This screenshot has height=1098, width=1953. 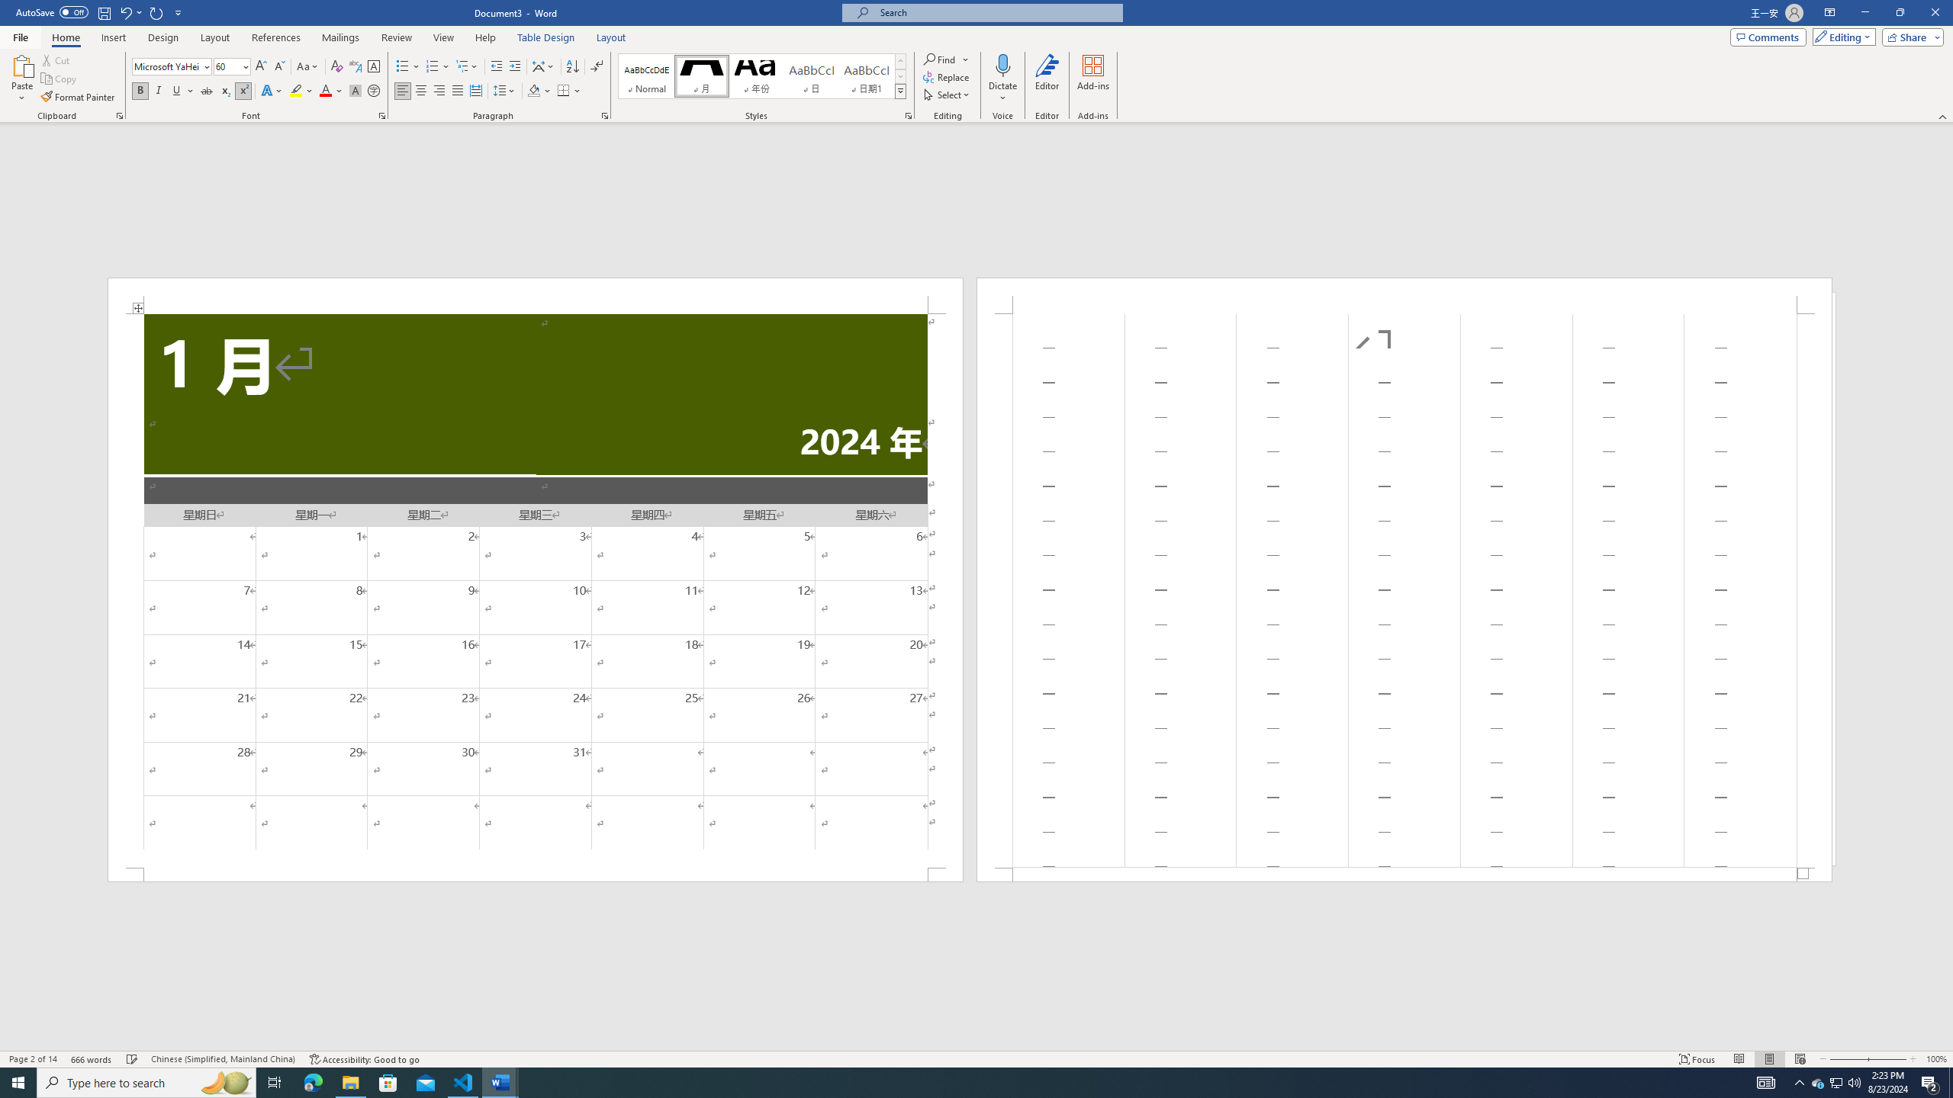 What do you see at coordinates (1864, 12) in the screenshot?
I see `'Minimize'` at bounding box center [1864, 12].